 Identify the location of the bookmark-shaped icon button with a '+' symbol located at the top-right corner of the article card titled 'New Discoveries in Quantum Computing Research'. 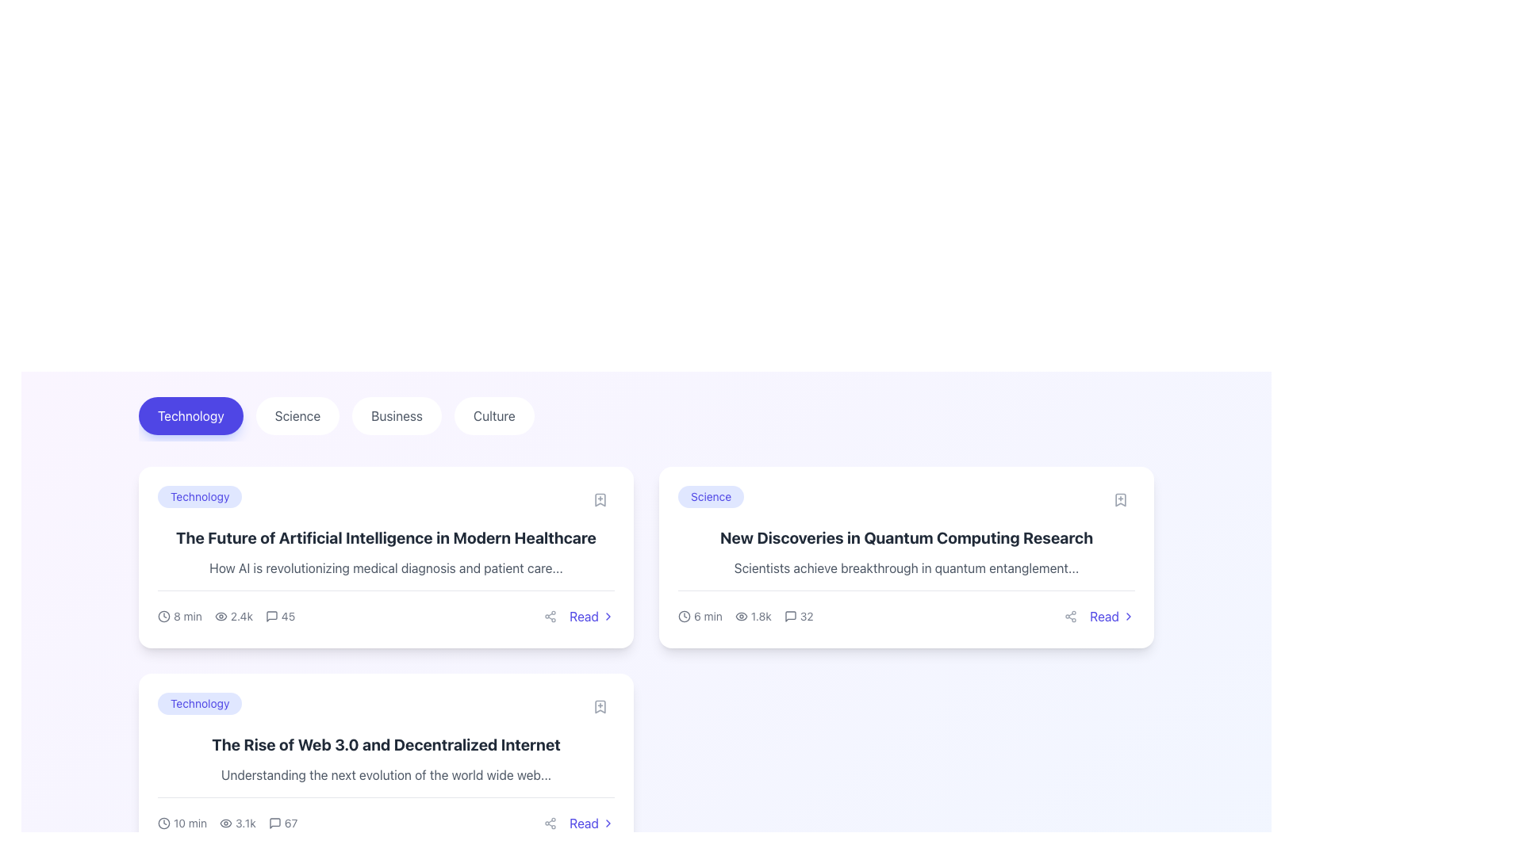
(1119, 500).